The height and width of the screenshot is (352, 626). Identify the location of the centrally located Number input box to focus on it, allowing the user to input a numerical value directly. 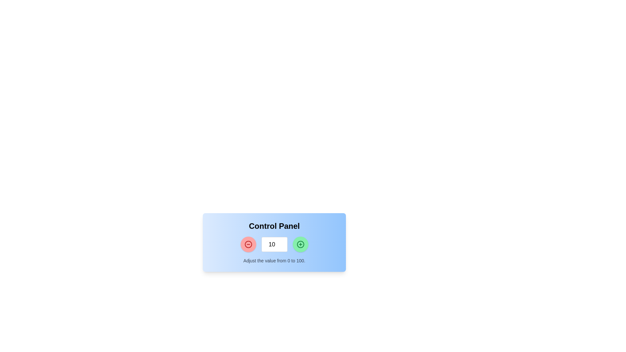
(274, 244).